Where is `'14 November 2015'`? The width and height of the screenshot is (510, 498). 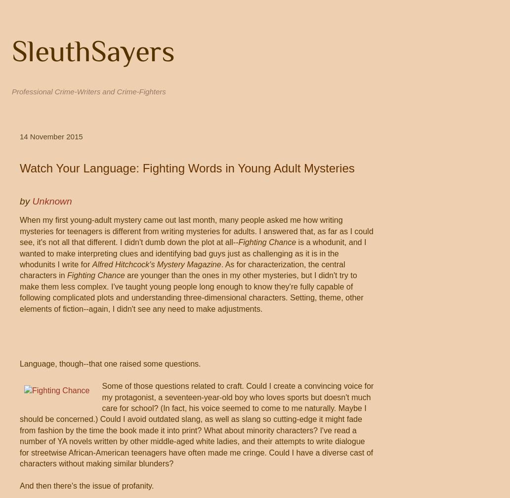 '14 November 2015' is located at coordinates (51, 136).